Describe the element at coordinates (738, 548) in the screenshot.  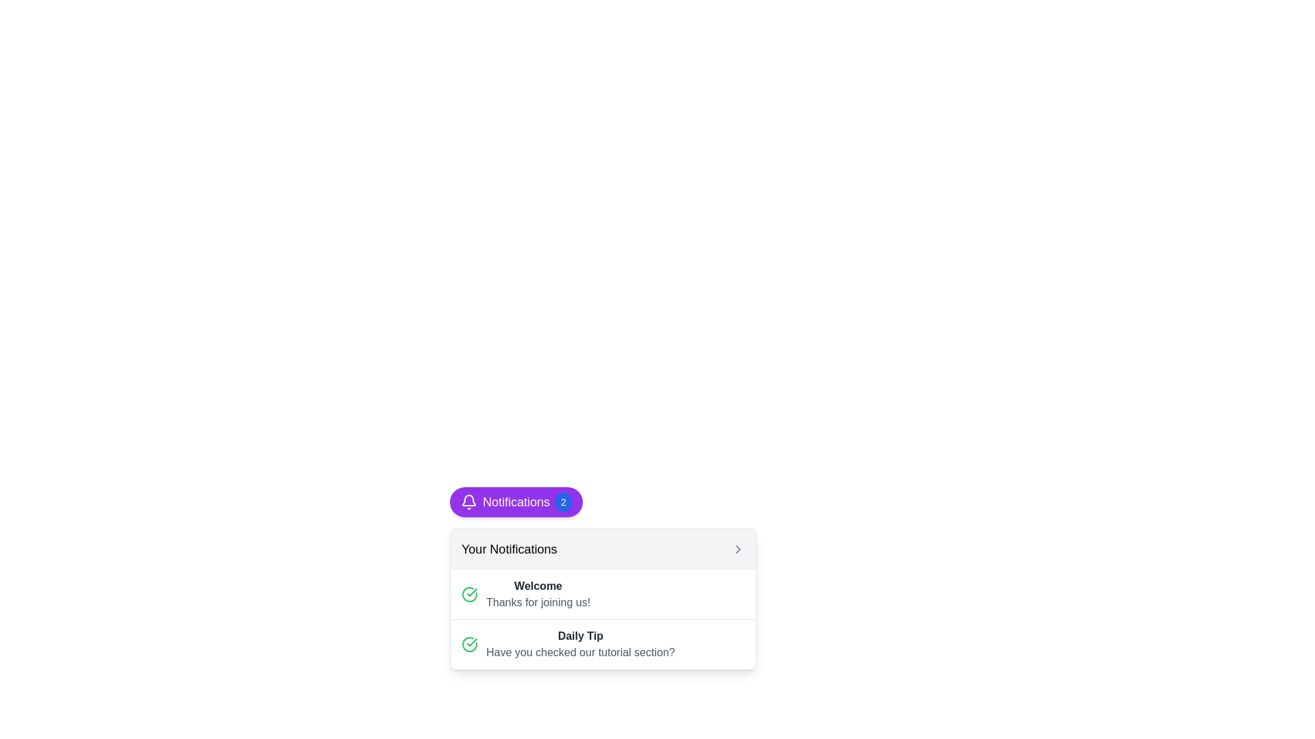
I see `the right-pointing arrow icon button located in the upper-right corner of the 'Your Notifications' panel` at that location.